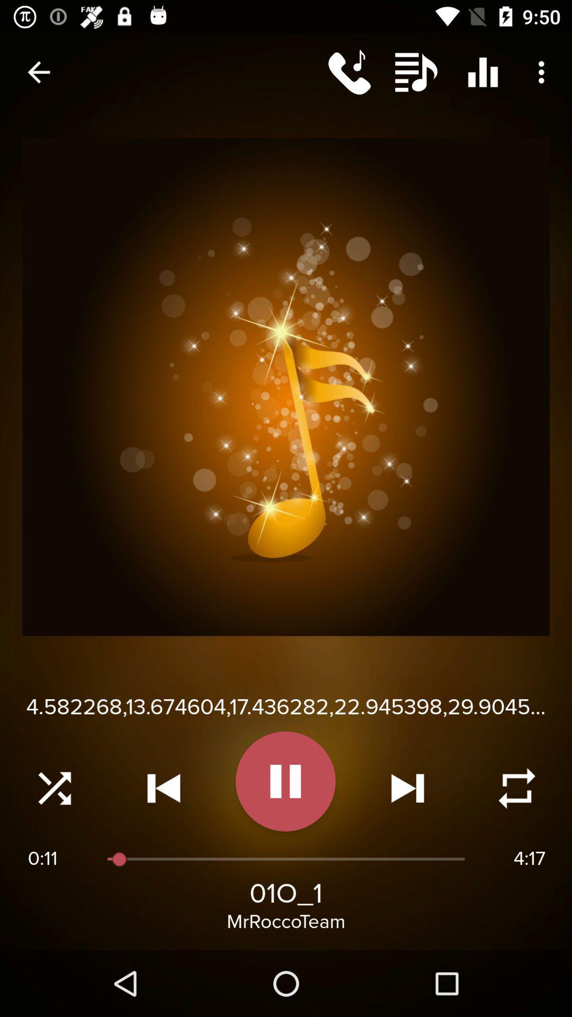 This screenshot has height=1017, width=572. Describe the element at coordinates (55, 788) in the screenshot. I see `the close icon` at that location.